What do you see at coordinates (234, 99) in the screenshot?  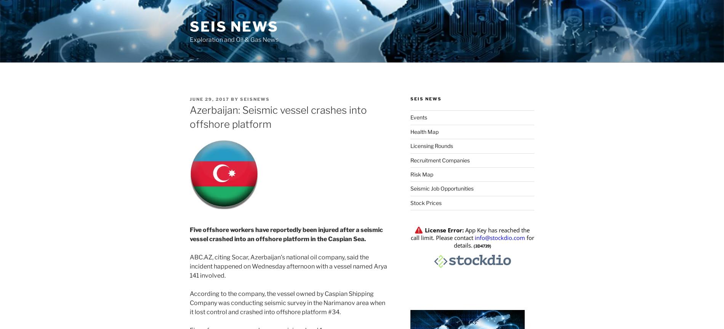 I see `'by'` at bounding box center [234, 99].